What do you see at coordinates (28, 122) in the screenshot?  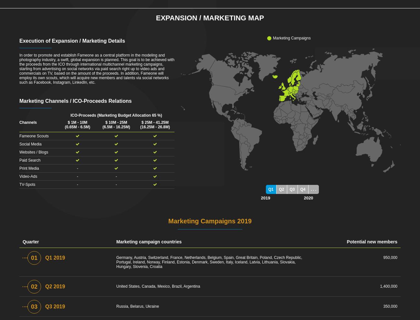 I see `'Channels'` at bounding box center [28, 122].